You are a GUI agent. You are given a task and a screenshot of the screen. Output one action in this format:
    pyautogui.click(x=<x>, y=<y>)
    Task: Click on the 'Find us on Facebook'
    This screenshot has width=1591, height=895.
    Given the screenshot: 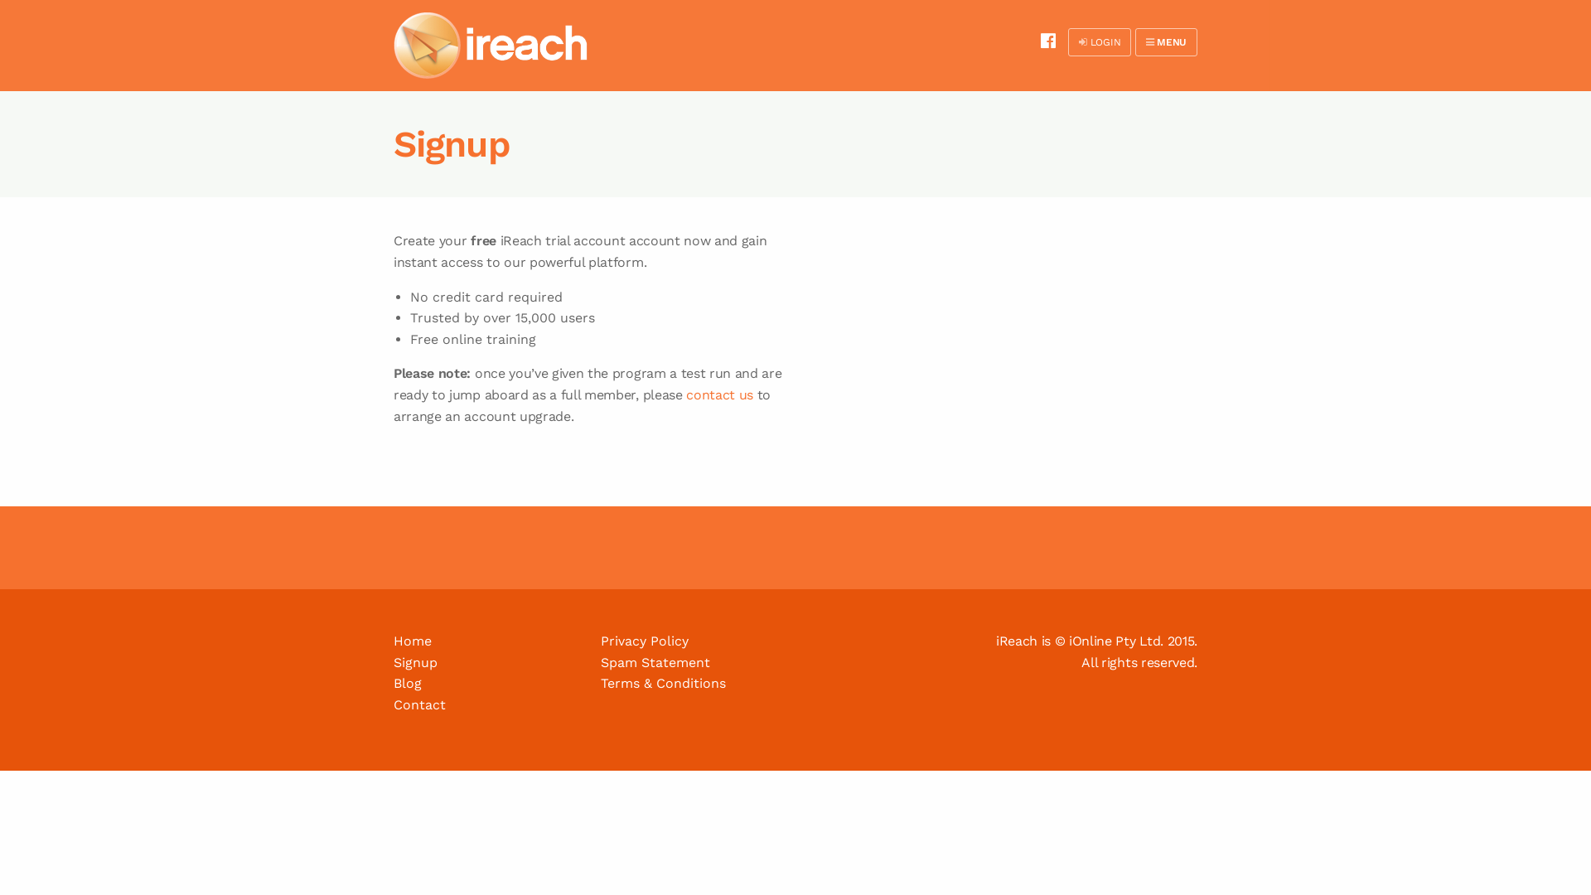 What is the action you would take?
    pyautogui.click(x=1047, y=40)
    